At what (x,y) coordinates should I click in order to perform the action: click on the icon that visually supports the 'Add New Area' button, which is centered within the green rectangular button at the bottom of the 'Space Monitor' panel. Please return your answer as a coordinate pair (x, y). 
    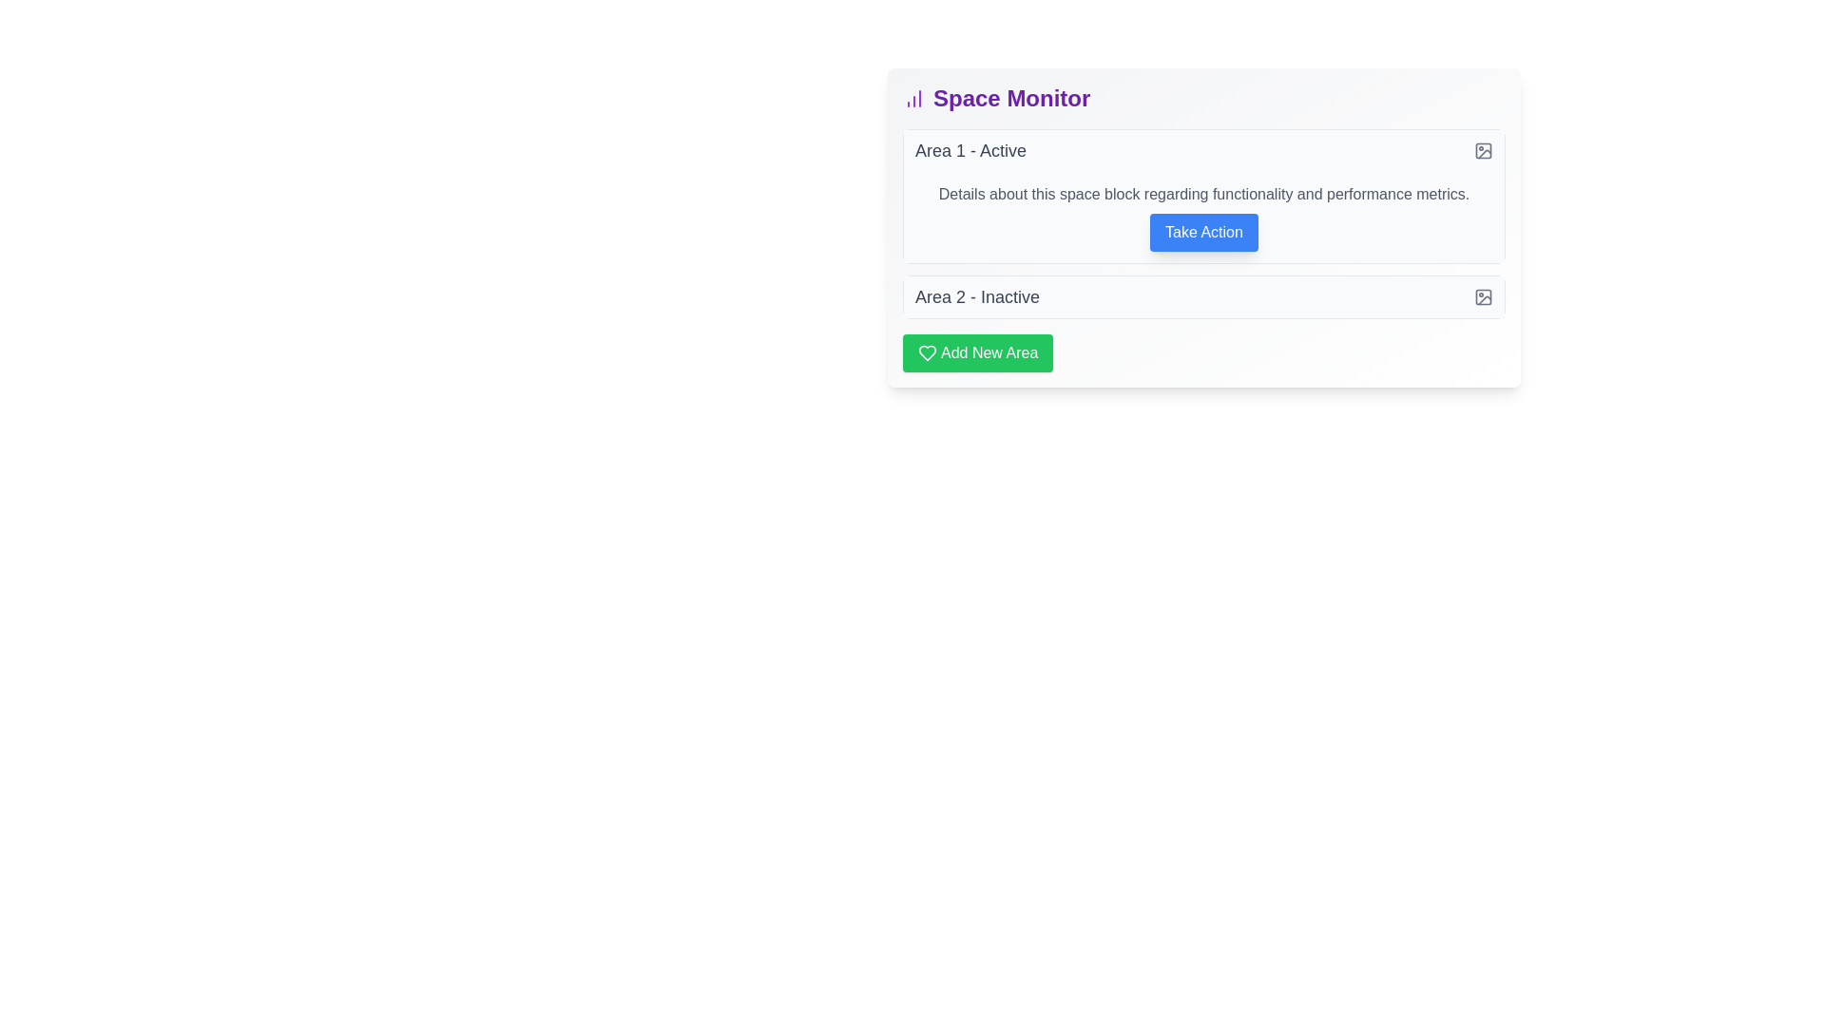
    Looking at the image, I should click on (927, 352).